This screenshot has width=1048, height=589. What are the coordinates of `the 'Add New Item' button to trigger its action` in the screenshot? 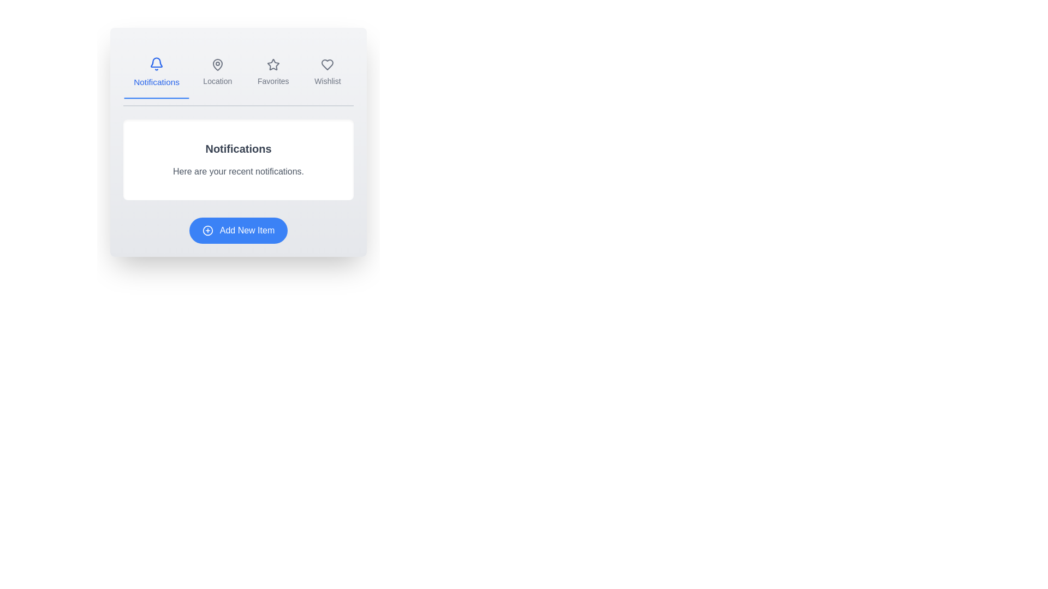 It's located at (237, 230).